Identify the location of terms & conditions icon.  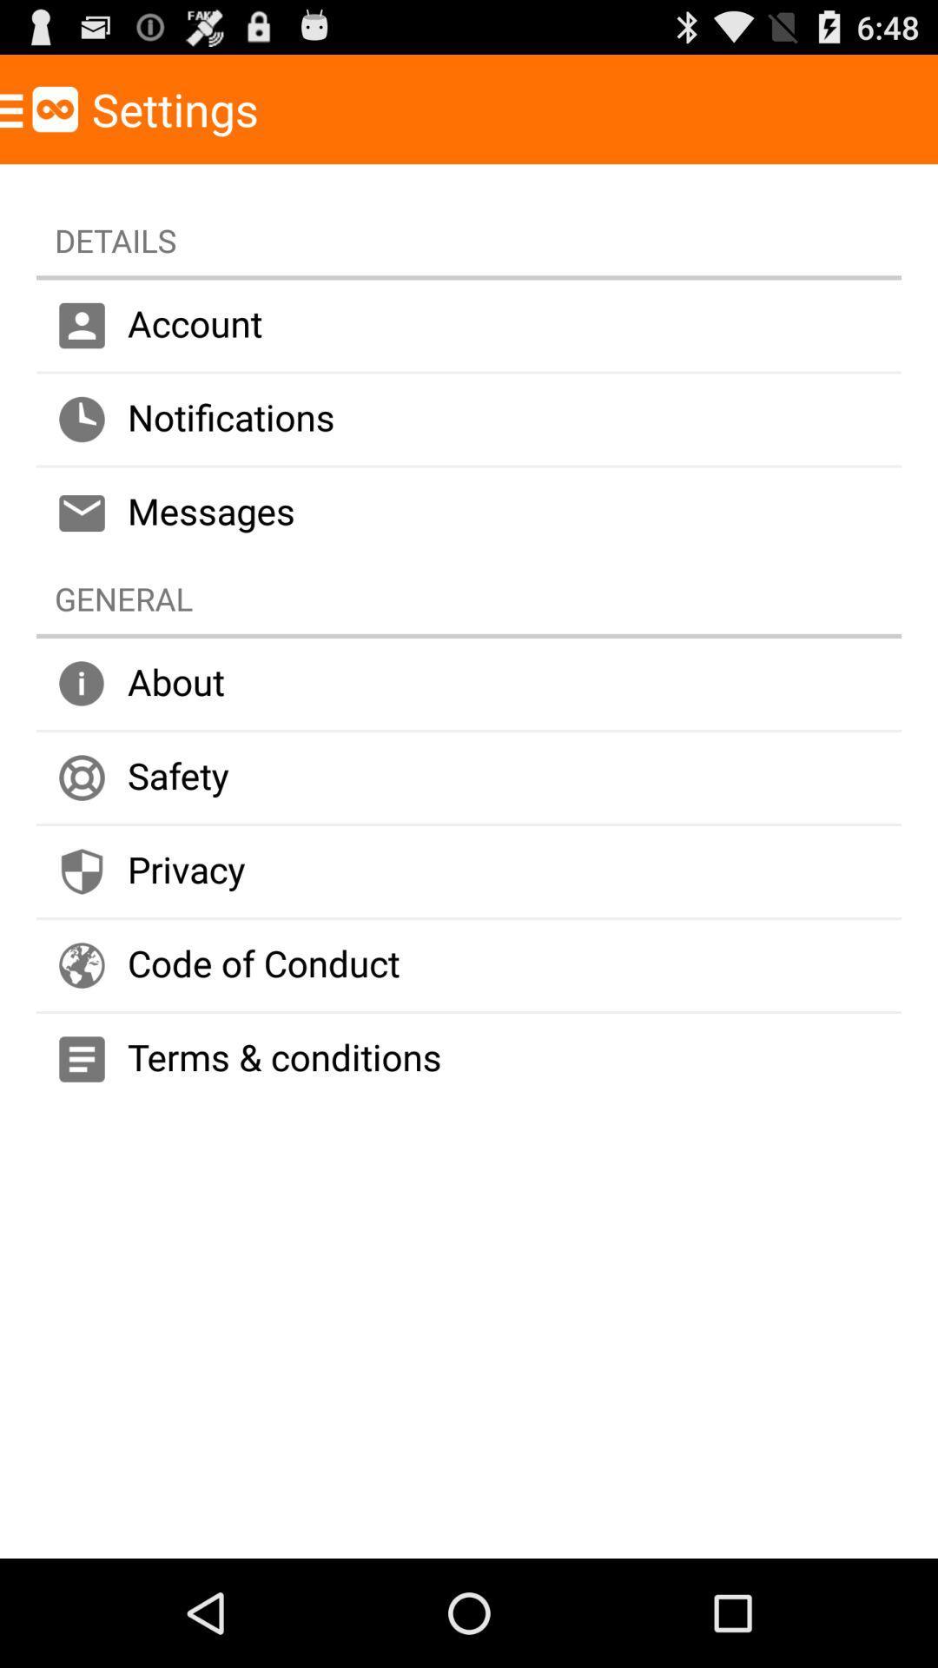
(469, 1058).